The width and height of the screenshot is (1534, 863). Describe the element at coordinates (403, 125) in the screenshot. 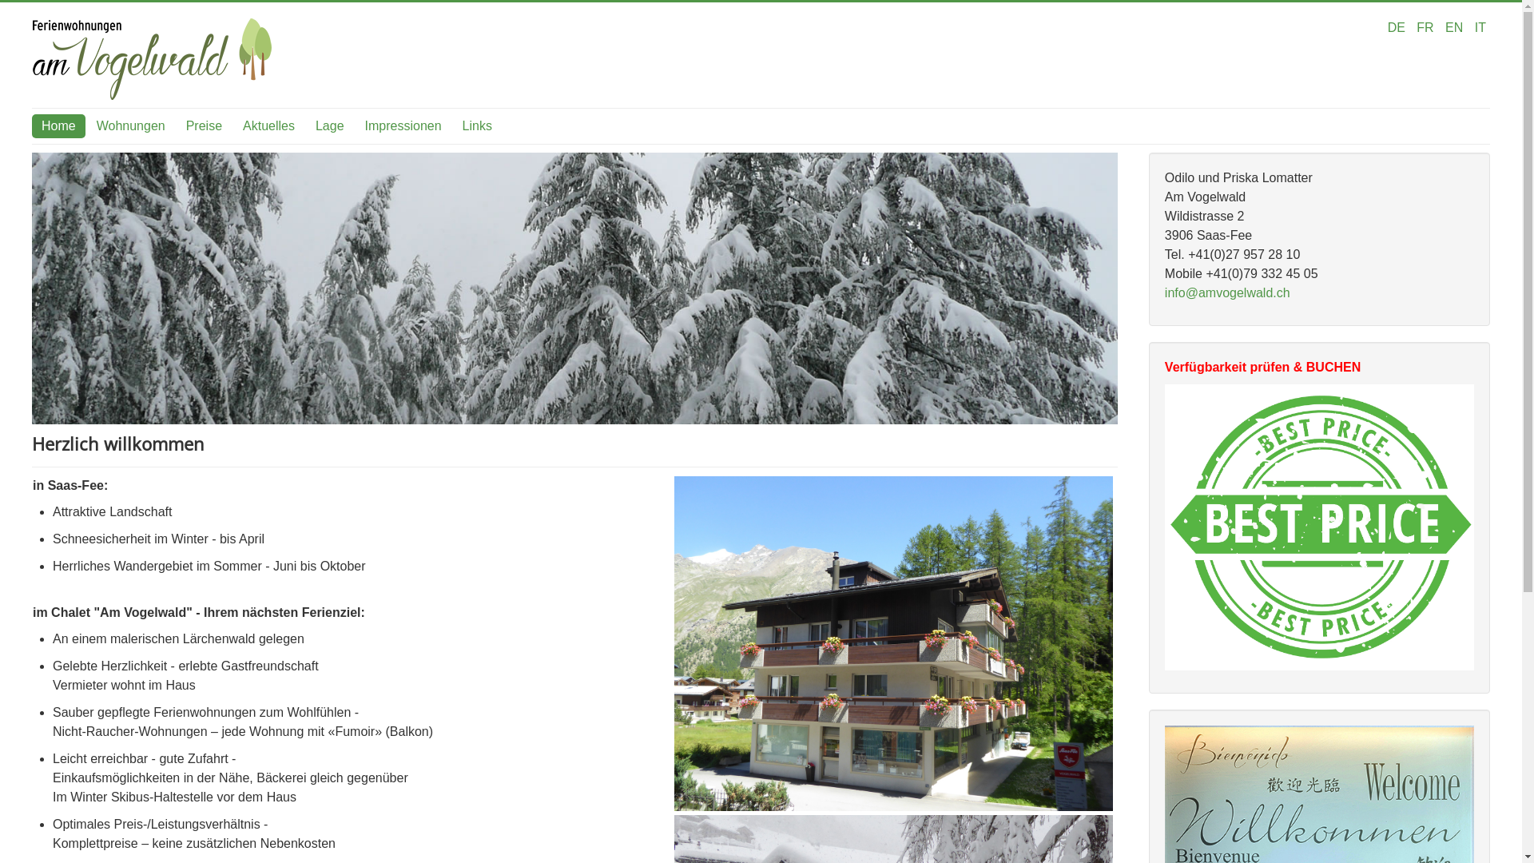

I see `'Impressionen'` at that location.